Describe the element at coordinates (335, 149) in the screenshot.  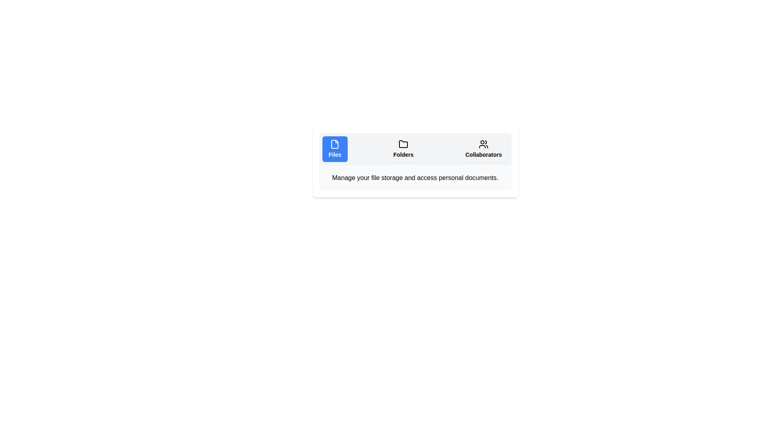
I see `the Files tab` at that location.